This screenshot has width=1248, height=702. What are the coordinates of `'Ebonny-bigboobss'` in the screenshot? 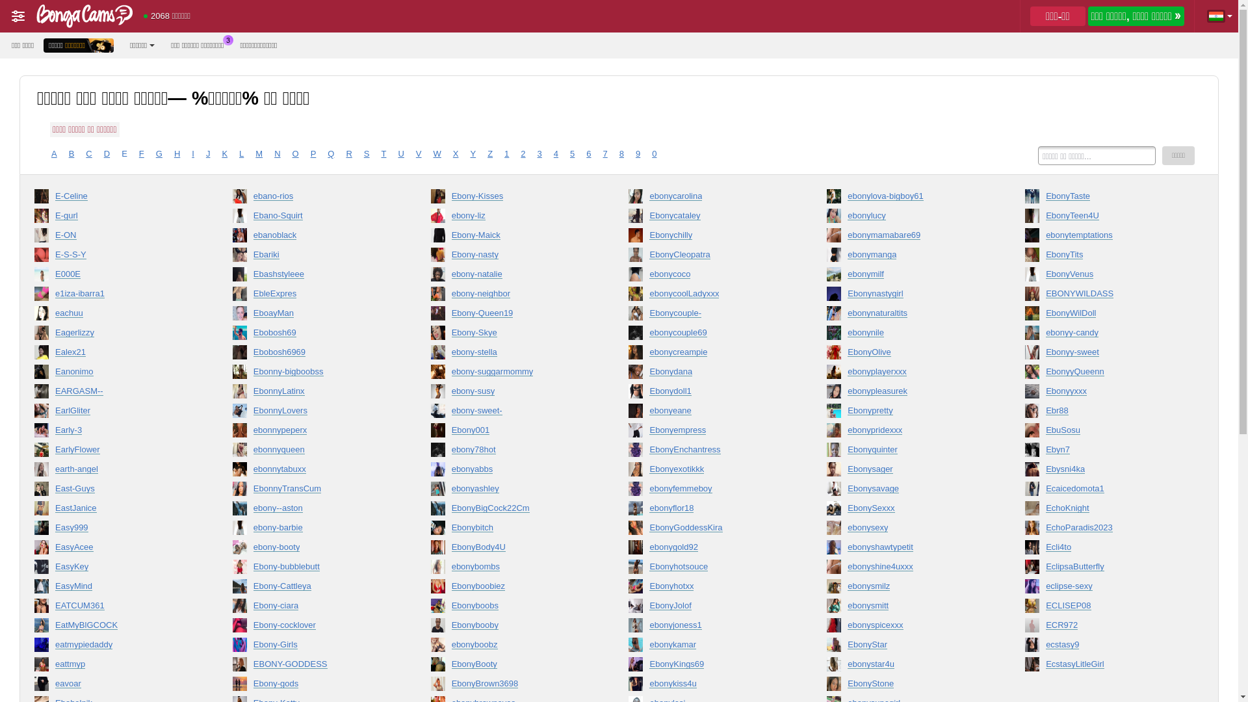 It's located at (313, 374).